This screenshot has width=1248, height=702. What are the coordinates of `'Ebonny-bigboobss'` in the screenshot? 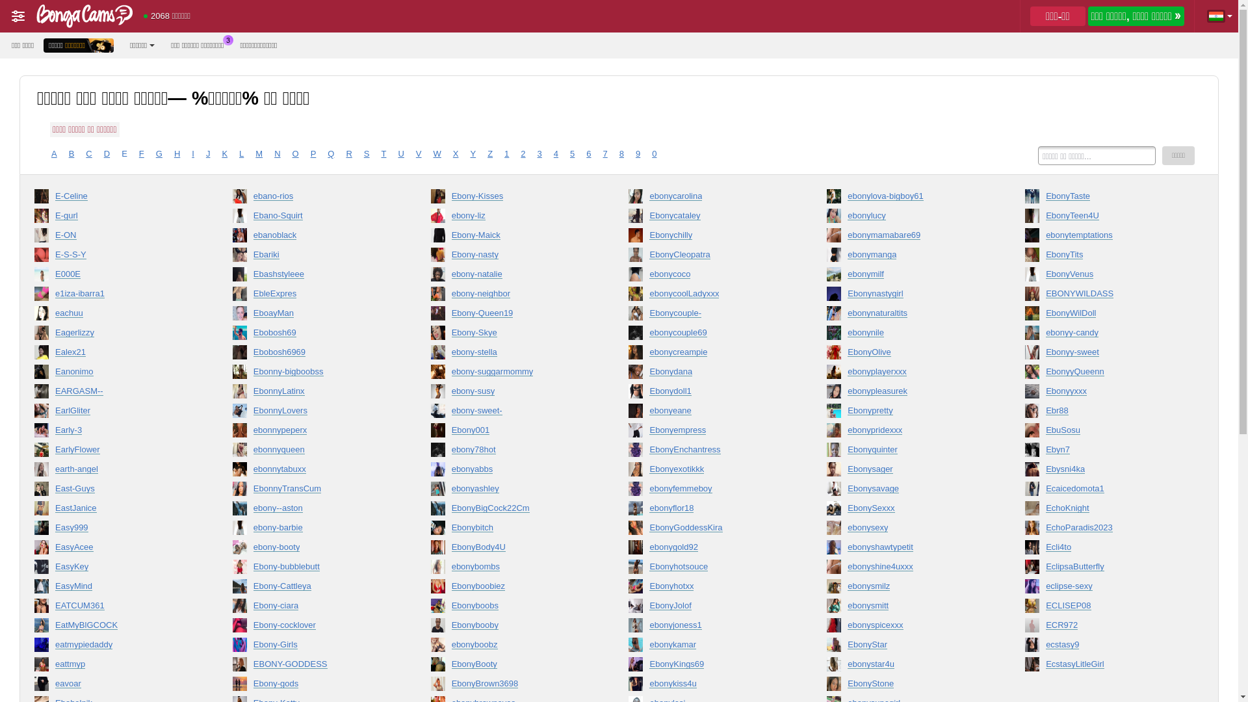 It's located at (313, 374).